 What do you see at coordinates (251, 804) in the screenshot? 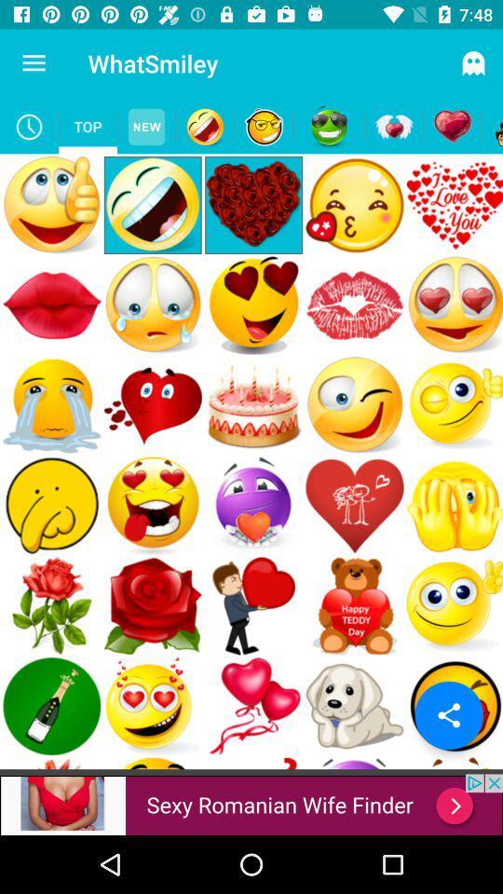
I see `open advertisement` at bounding box center [251, 804].